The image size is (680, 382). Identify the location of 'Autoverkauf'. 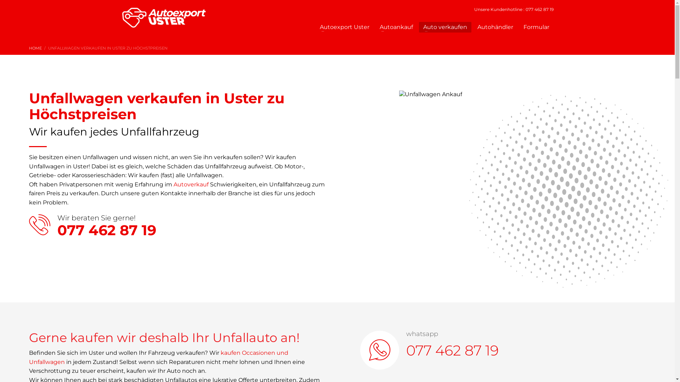
(191, 184).